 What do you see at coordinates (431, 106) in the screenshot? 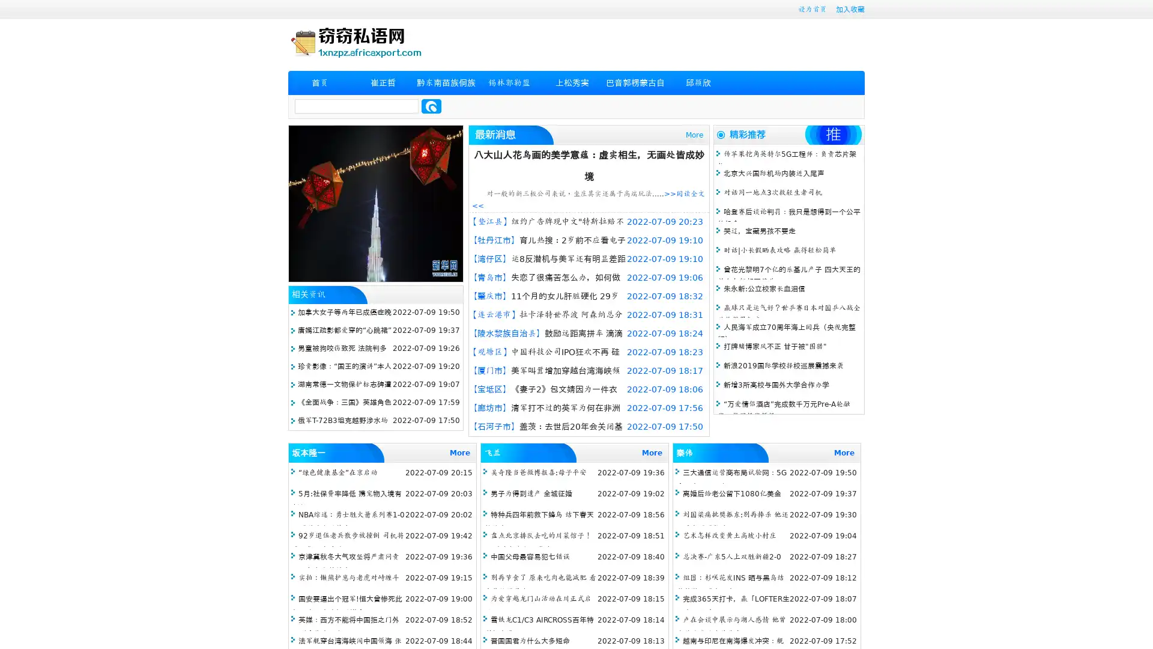
I see `Search` at bounding box center [431, 106].